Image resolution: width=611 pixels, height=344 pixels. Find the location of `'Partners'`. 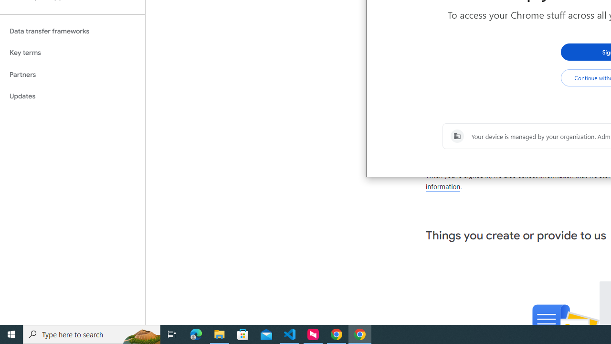

'Partners' is located at coordinates (72, 74).